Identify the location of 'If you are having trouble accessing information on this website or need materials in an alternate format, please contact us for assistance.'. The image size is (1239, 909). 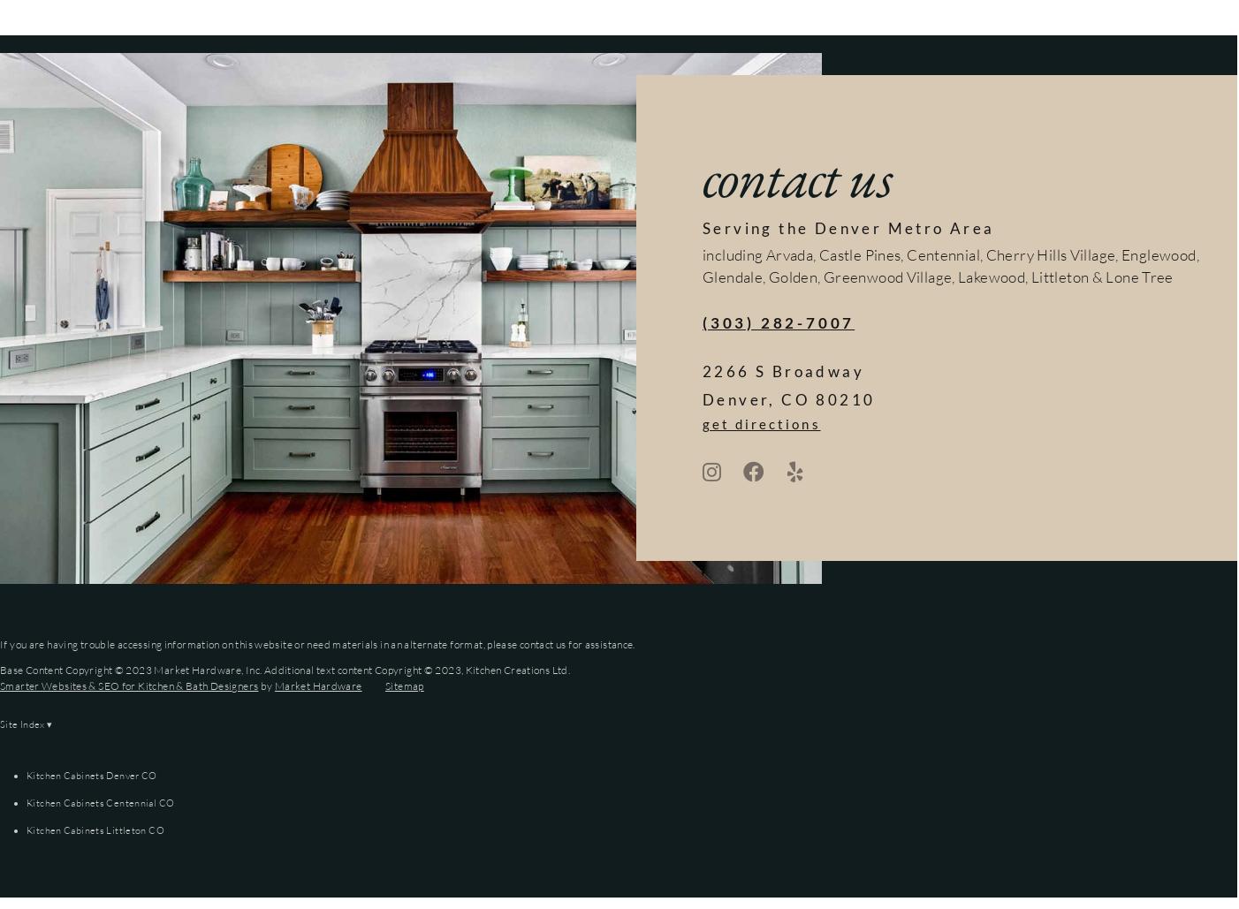
(317, 642).